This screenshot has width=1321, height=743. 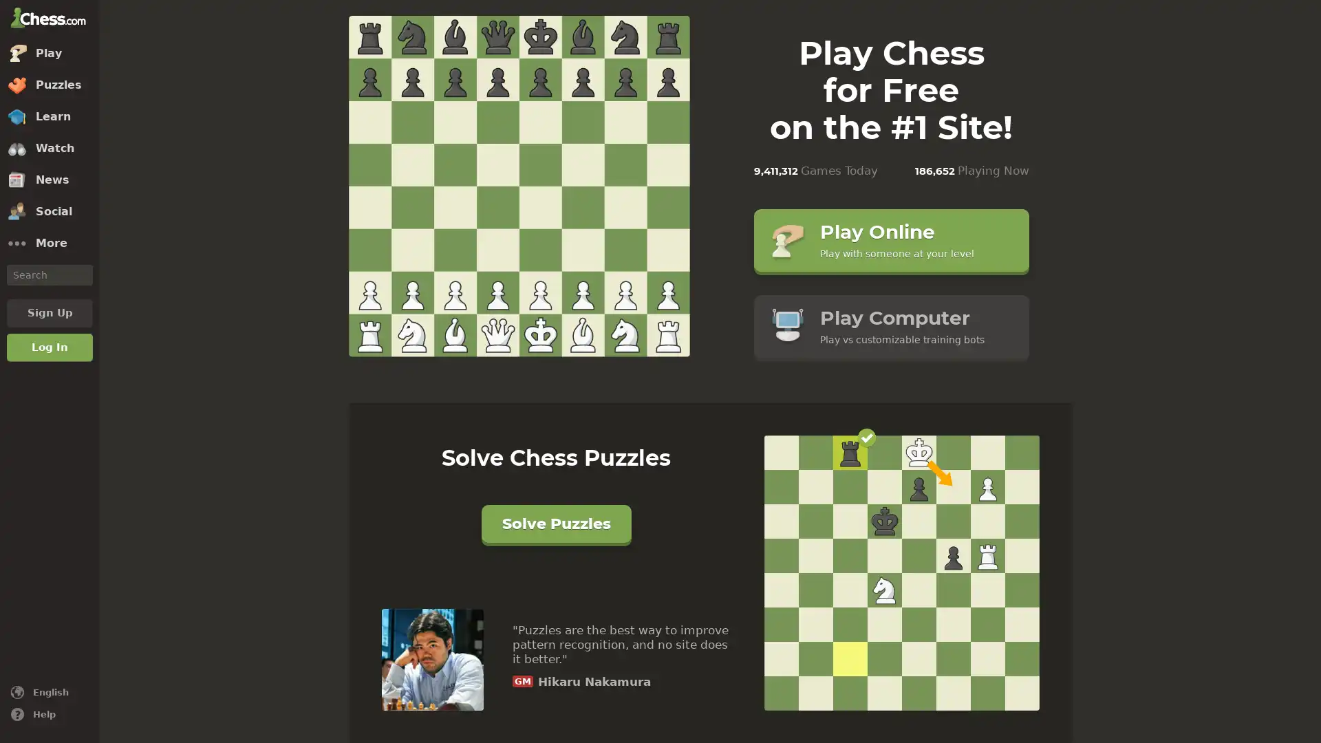 What do you see at coordinates (891, 239) in the screenshot?
I see `Play Online Play with someone at your level` at bounding box center [891, 239].